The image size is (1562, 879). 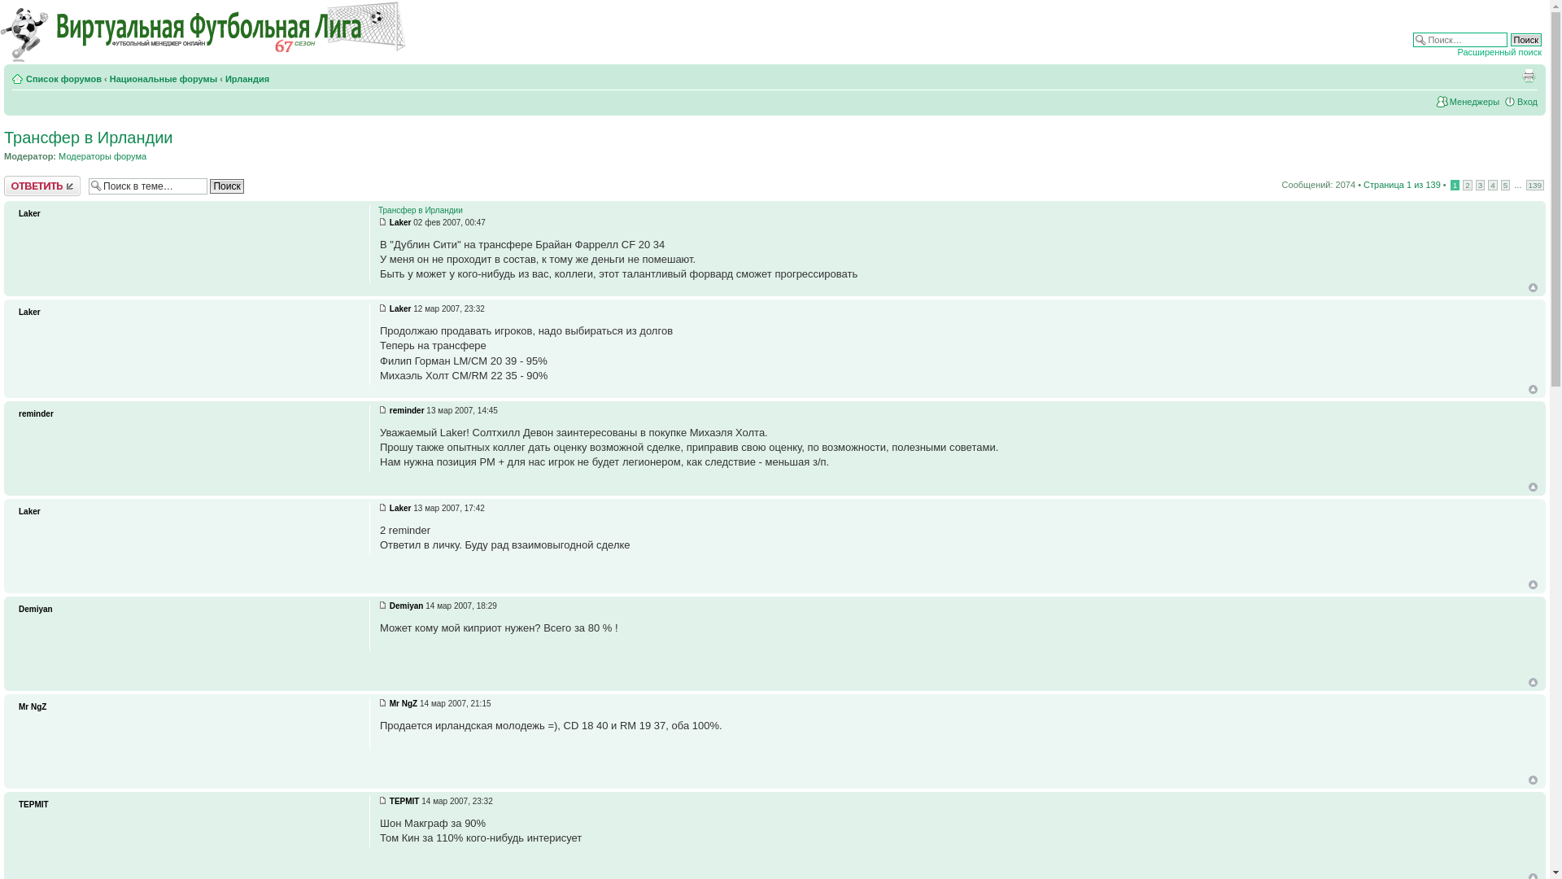 What do you see at coordinates (1534, 184) in the screenshot?
I see `'139'` at bounding box center [1534, 184].